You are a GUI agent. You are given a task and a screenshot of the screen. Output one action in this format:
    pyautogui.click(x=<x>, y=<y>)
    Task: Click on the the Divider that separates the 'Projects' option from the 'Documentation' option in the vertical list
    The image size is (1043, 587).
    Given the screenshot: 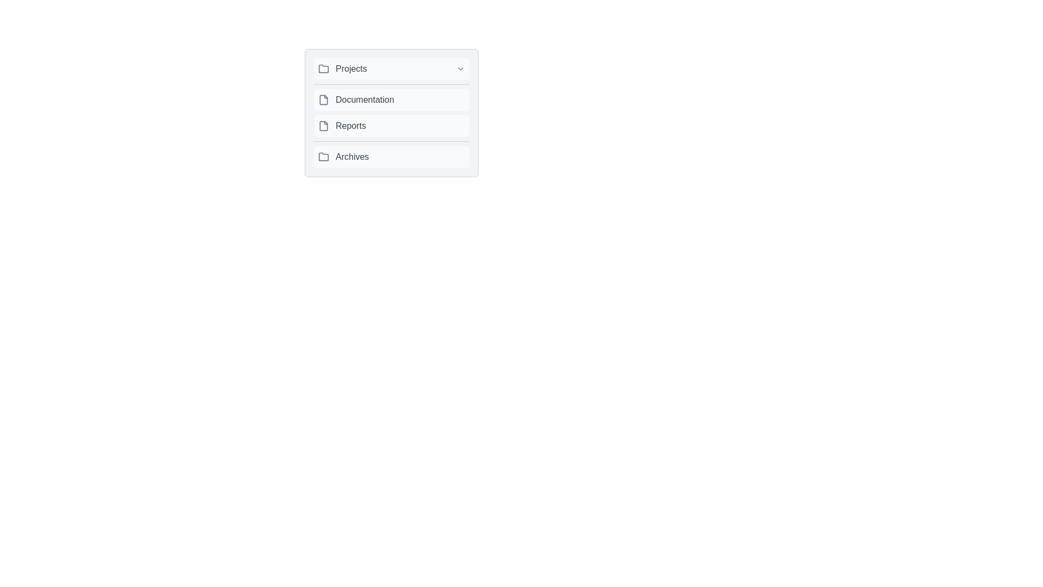 What is the action you would take?
    pyautogui.click(x=391, y=83)
    